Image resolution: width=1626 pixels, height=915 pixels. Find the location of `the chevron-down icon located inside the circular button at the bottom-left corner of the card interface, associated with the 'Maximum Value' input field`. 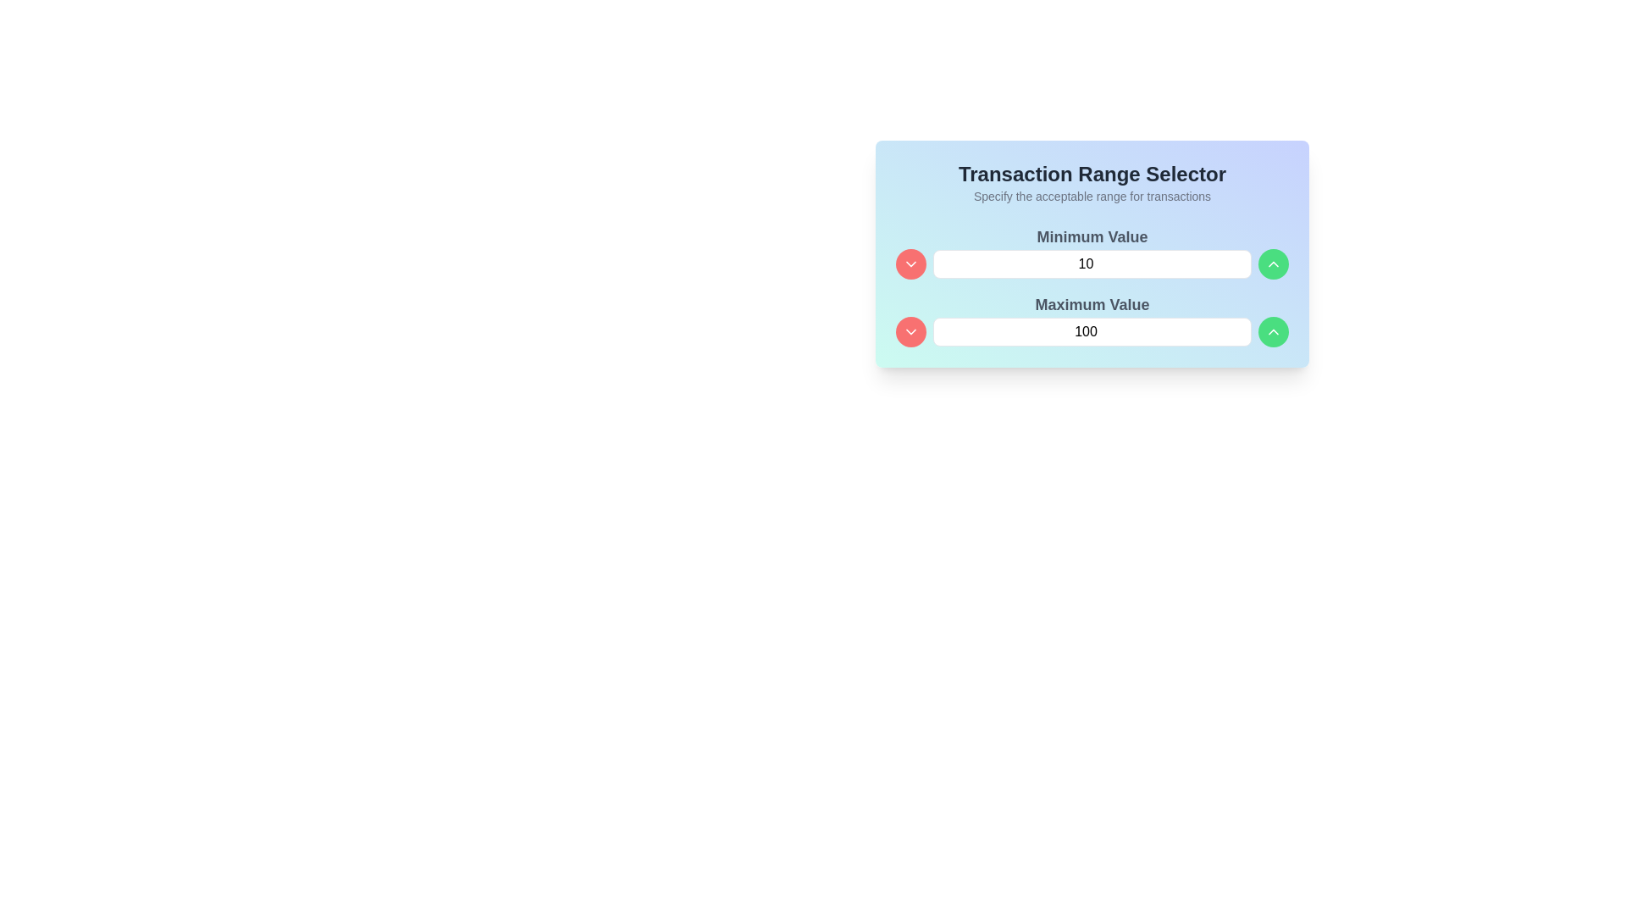

the chevron-down icon located inside the circular button at the bottom-left corner of the card interface, associated with the 'Maximum Value' input field is located at coordinates (910, 264).